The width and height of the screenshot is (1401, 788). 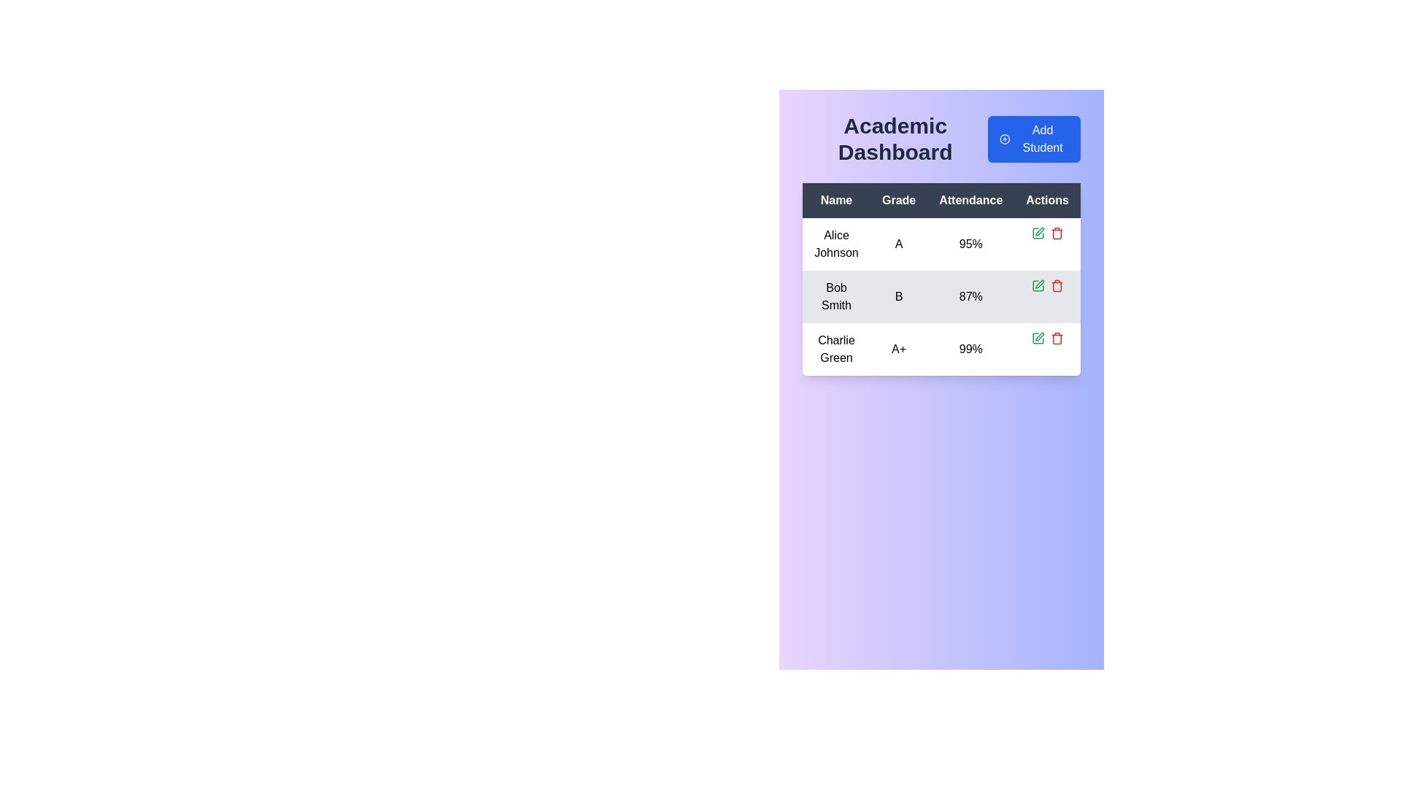 What do you see at coordinates (898, 244) in the screenshot?
I see `the static text element displaying the grade 'A' for student Alice Johnson, which is located in the 'Grade' column of the main table under the 'Academic Dashboard'` at bounding box center [898, 244].